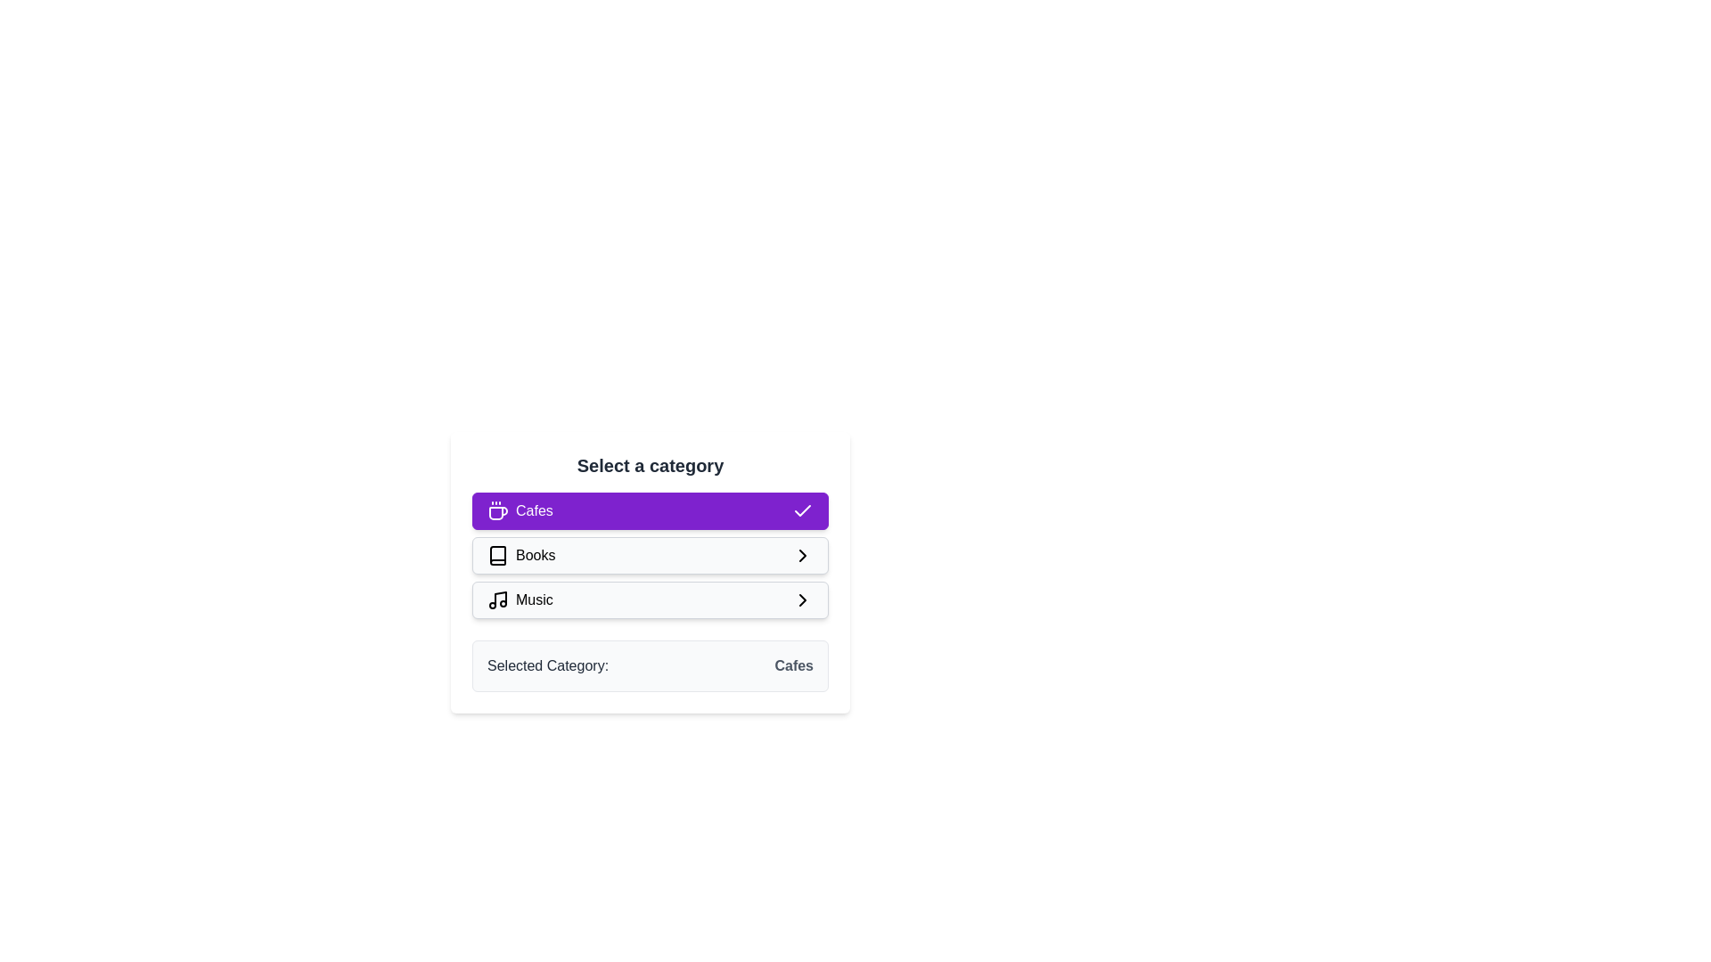 Image resolution: width=1711 pixels, height=962 pixels. What do you see at coordinates (497, 511) in the screenshot?
I see `the coffee cup icon, which is a minimalist line art representation with a handle on the right and steam above, located to the left of the 'Cafes' text` at bounding box center [497, 511].